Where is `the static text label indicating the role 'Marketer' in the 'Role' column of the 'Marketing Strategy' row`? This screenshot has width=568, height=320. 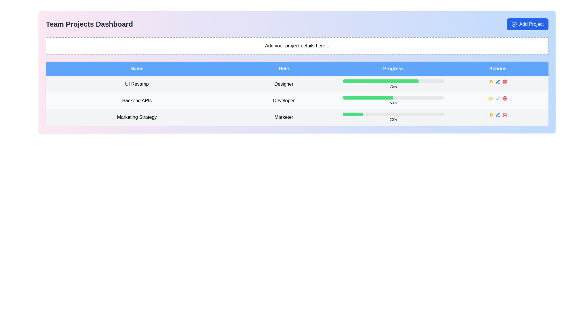 the static text label indicating the role 'Marketer' in the 'Role' column of the 'Marketing Strategy' row is located at coordinates (283, 117).